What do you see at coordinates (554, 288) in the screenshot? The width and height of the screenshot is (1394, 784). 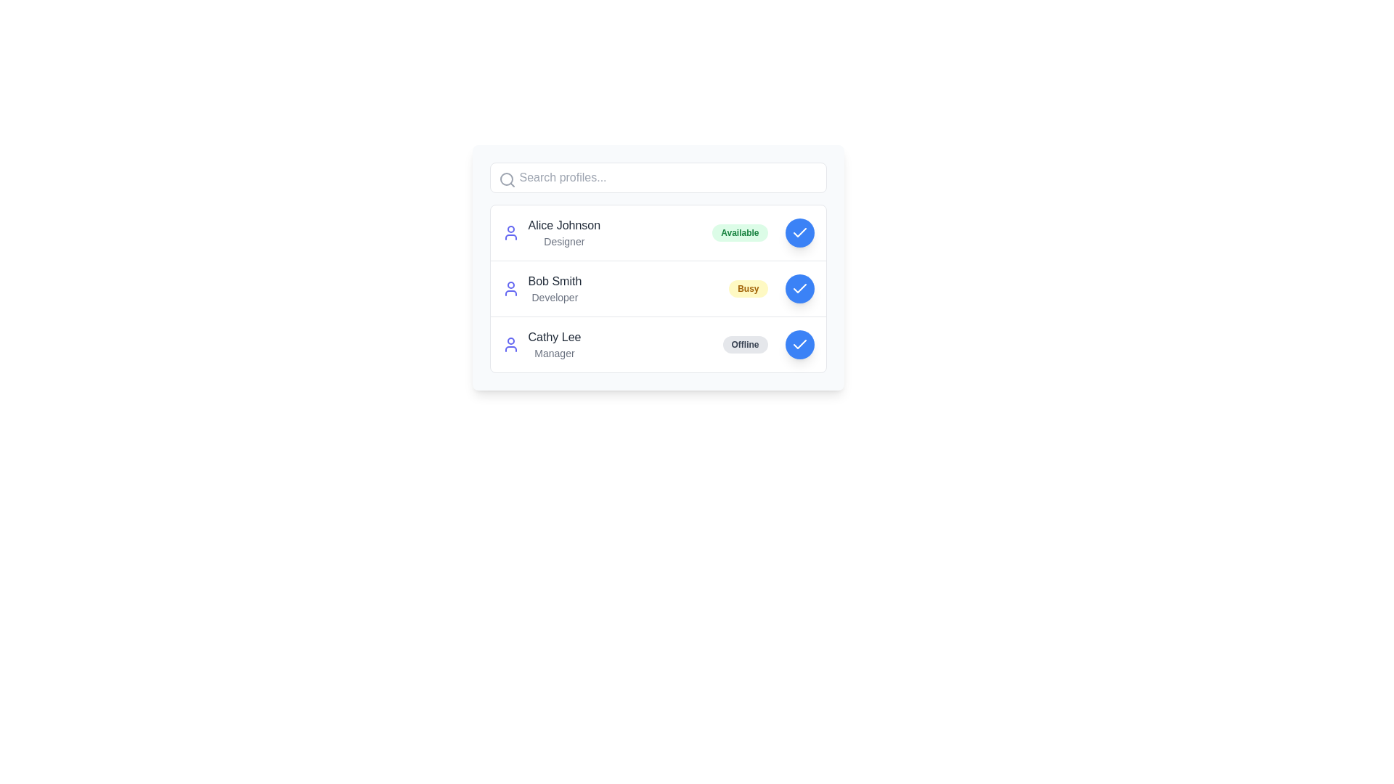 I see `the Profile entry containing the name and role of the individual, located in the second row of the user profiles list, positioned below 'Alice Johnson' and above 'Cathy Lee'` at bounding box center [554, 288].